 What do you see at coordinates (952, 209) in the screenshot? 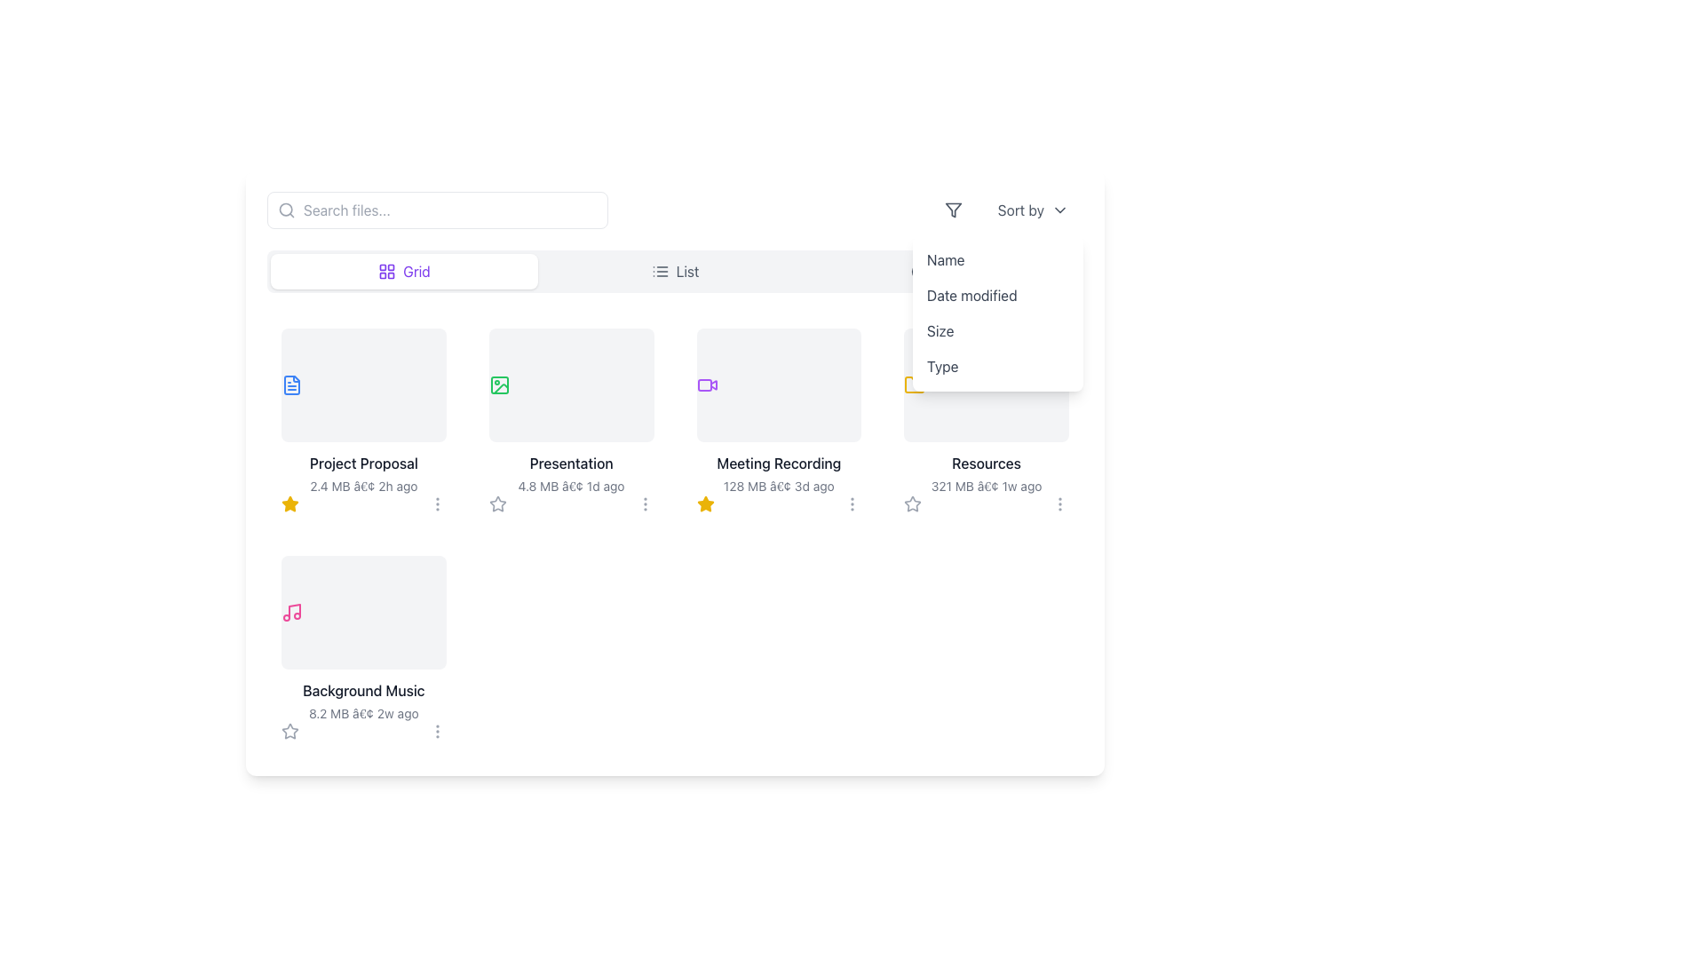
I see `the sorting SVG icon located immediately left of the 'Sort by' label in the sorting dropdown menu to interact with sorting options` at bounding box center [952, 209].